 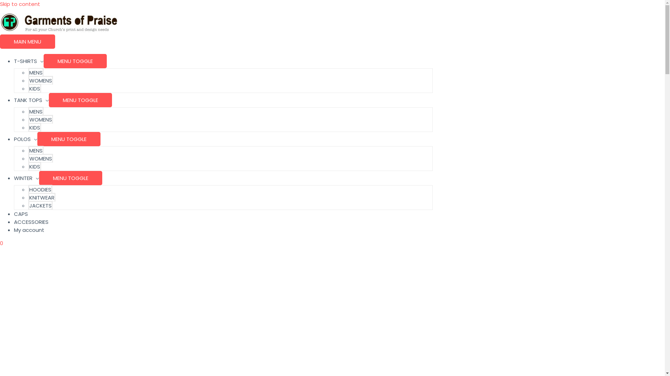 What do you see at coordinates (25, 139) in the screenshot?
I see `'POLOS'` at bounding box center [25, 139].